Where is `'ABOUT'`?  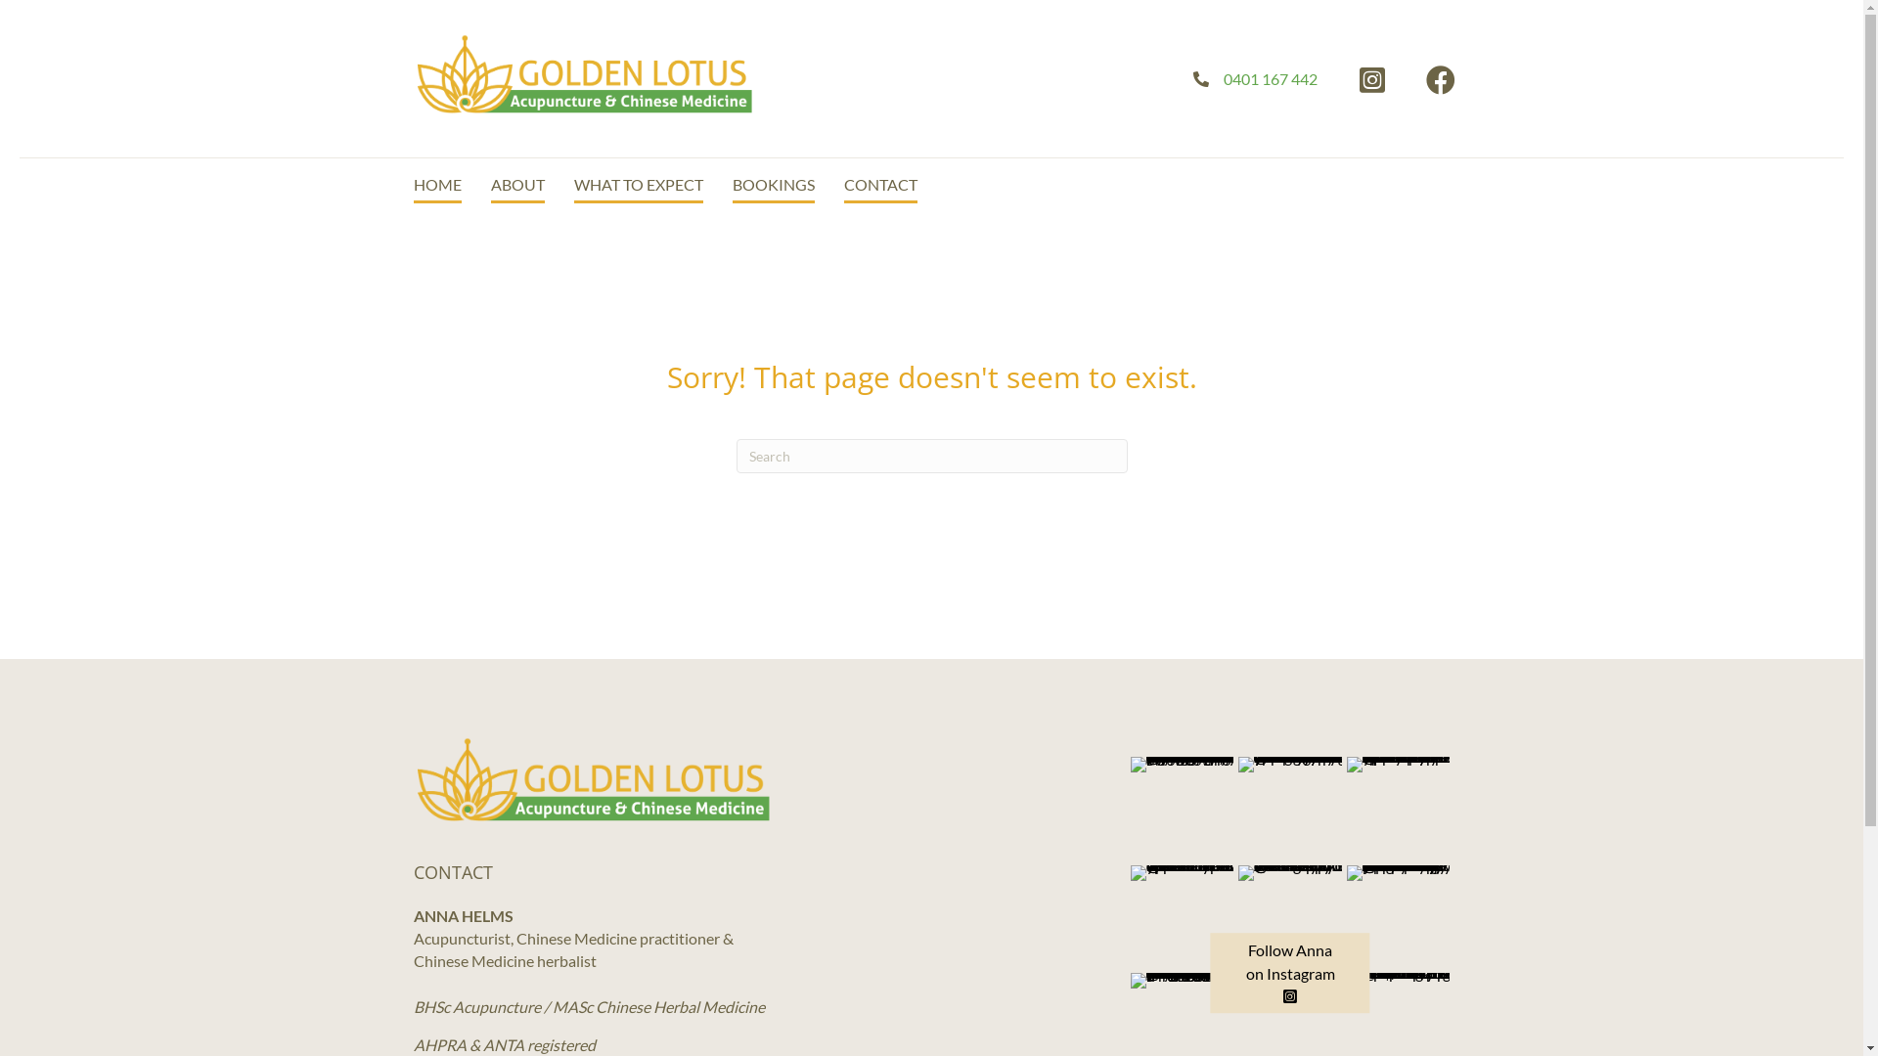 'ABOUT' is located at coordinates (491, 185).